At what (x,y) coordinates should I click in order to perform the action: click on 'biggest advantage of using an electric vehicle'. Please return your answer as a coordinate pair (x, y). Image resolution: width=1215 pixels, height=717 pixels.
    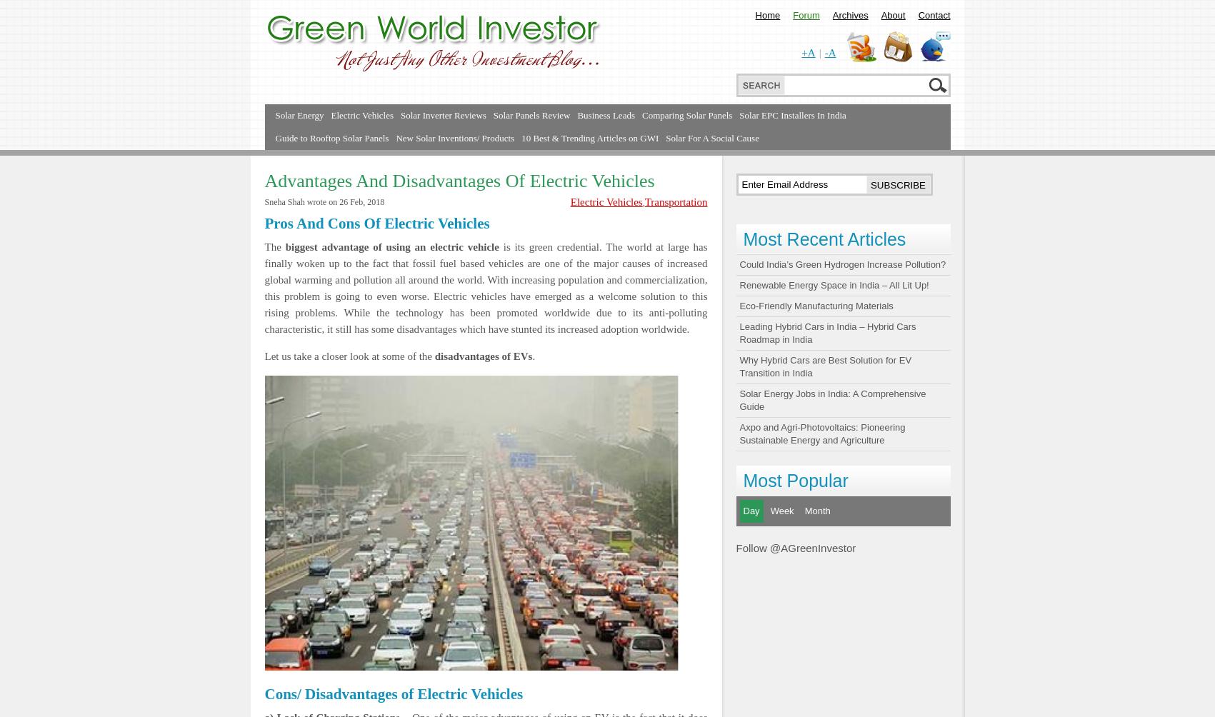
    Looking at the image, I should click on (284, 246).